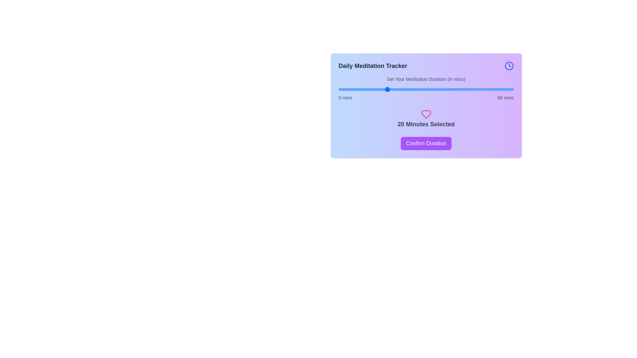  What do you see at coordinates (462, 89) in the screenshot?
I see `the meditation duration to 44 minutes using the slider` at bounding box center [462, 89].